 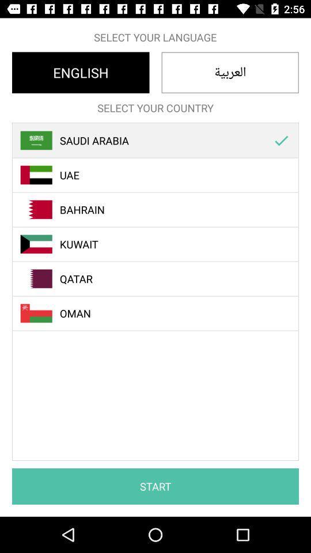 I want to click on item below kuwait item, so click(x=161, y=278).